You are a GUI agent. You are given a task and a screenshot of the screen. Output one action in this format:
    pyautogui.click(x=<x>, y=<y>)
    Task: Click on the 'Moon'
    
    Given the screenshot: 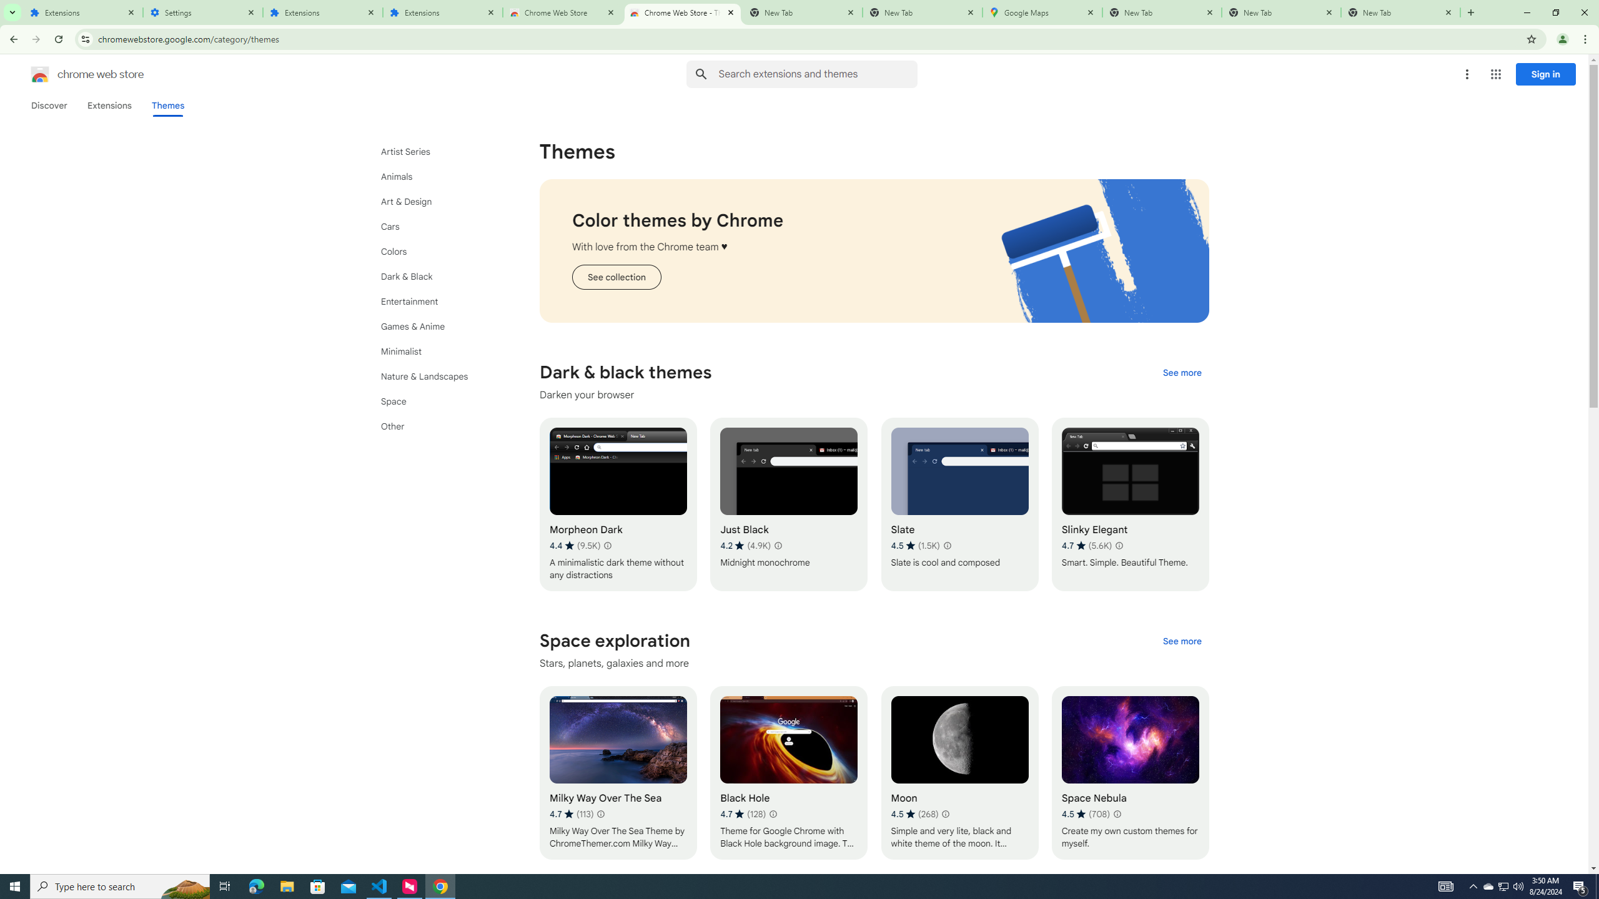 What is the action you would take?
    pyautogui.click(x=959, y=772)
    